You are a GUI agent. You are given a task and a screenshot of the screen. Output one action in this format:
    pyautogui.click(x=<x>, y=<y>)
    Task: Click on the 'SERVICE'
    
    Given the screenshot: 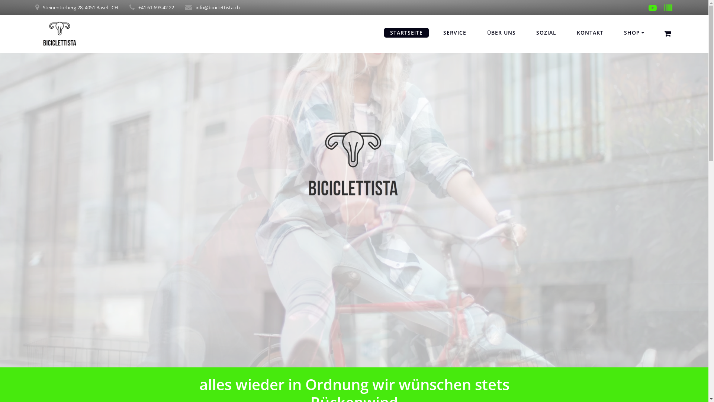 What is the action you would take?
    pyautogui.click(x=454, y=32)
    